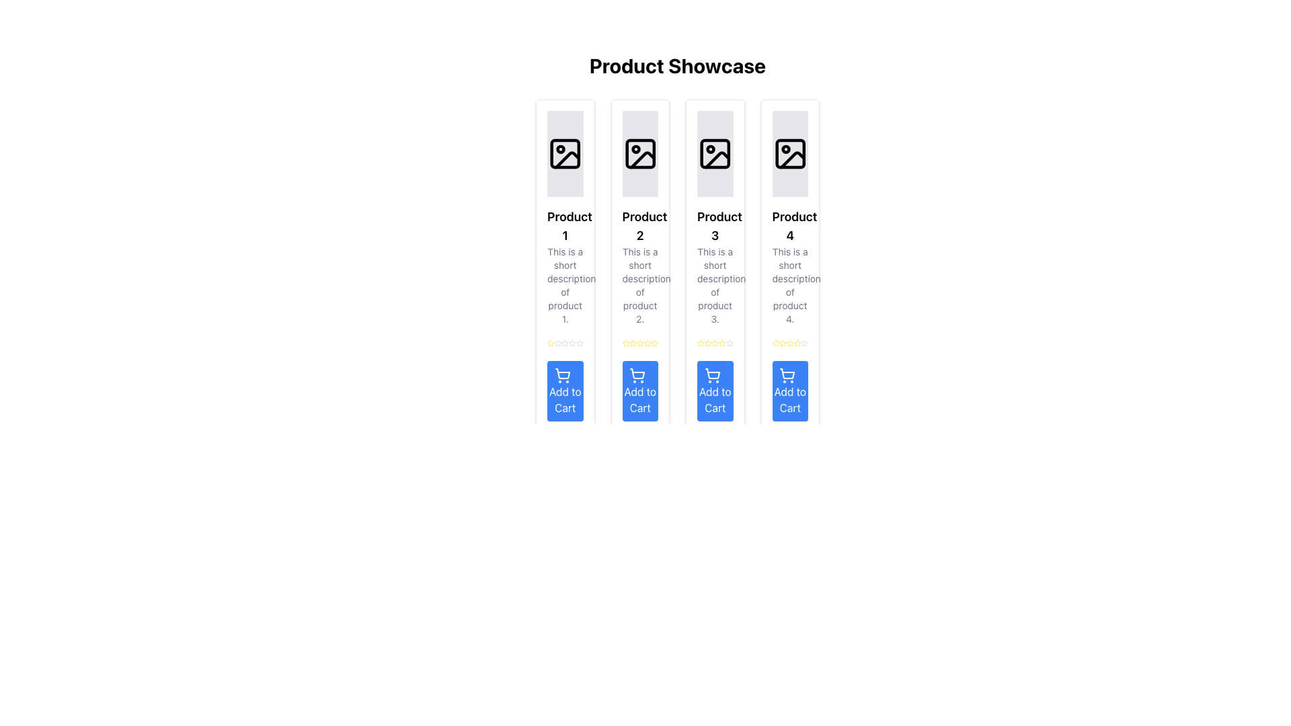  Describe the element at coordinates (565, 153) in the screenshot. I see `the decorative vector graphic element located in the first product's image slot of the product showcase grid for 'Product 1'` at that location.